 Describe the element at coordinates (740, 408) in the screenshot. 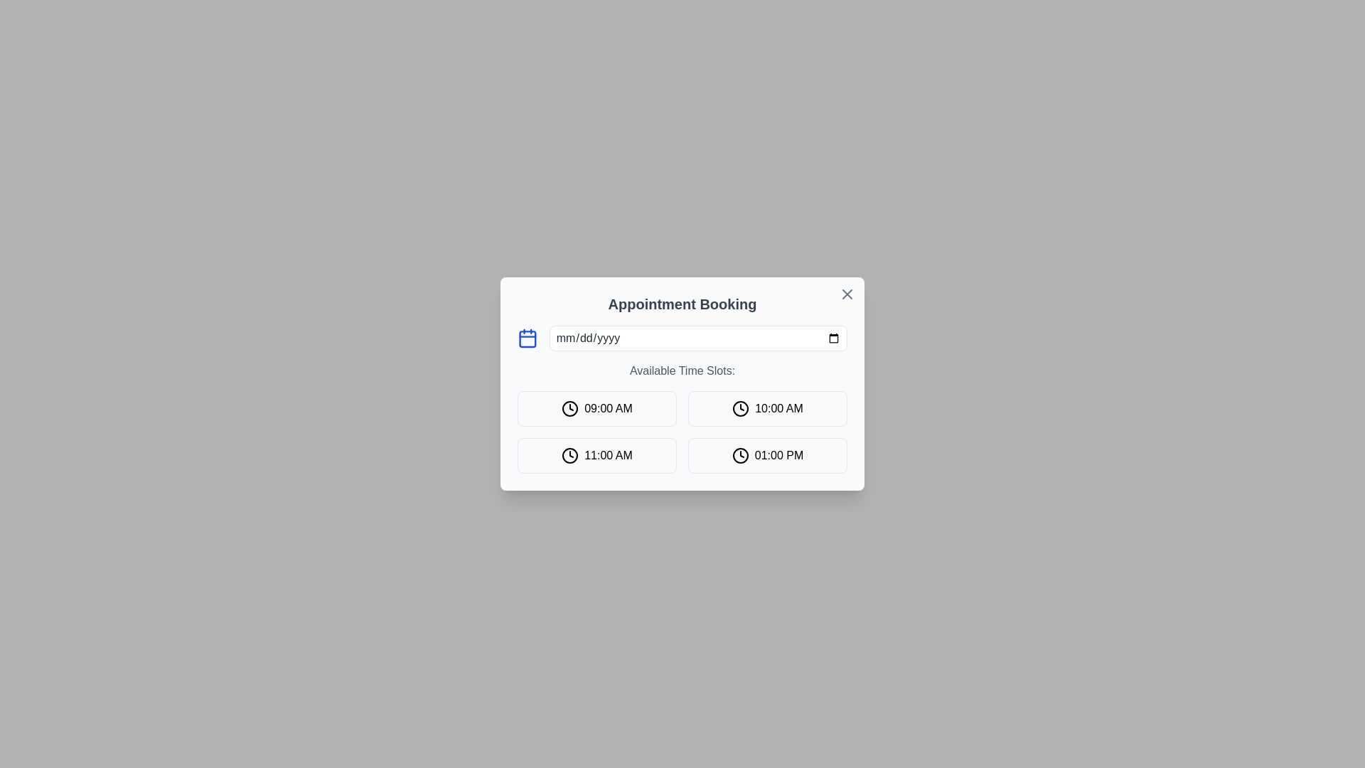

I see `the outer circular boundary of the clock icon indicating availability for the 10:00 AM time slot in the appointment booking interface` at that location.